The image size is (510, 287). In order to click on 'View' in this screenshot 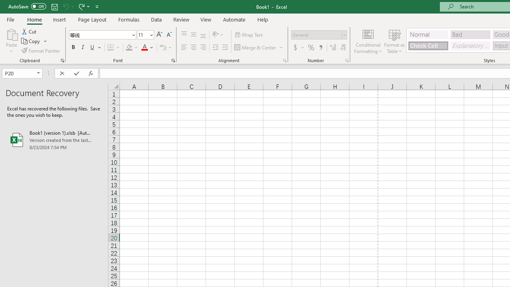, I will do `click(206, 19)`.